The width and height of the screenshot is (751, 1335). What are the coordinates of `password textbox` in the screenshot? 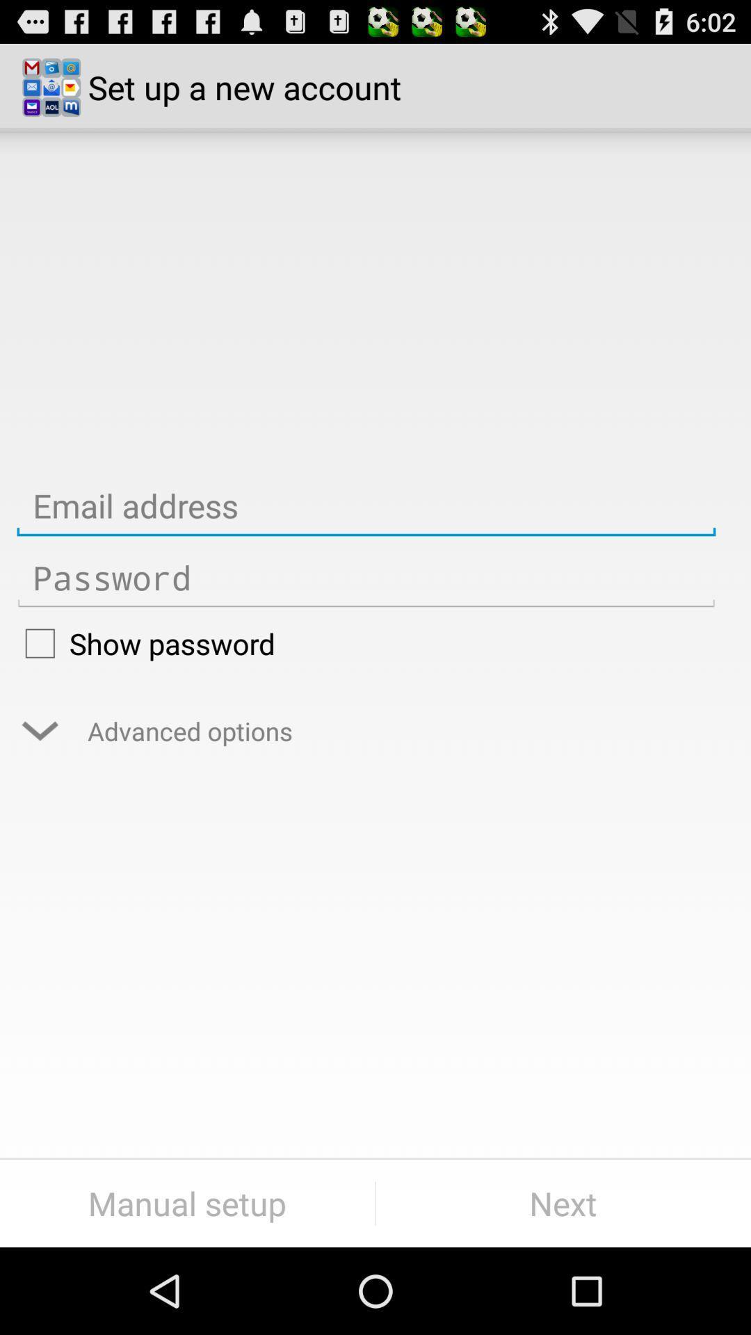 It's located at (365, 578).